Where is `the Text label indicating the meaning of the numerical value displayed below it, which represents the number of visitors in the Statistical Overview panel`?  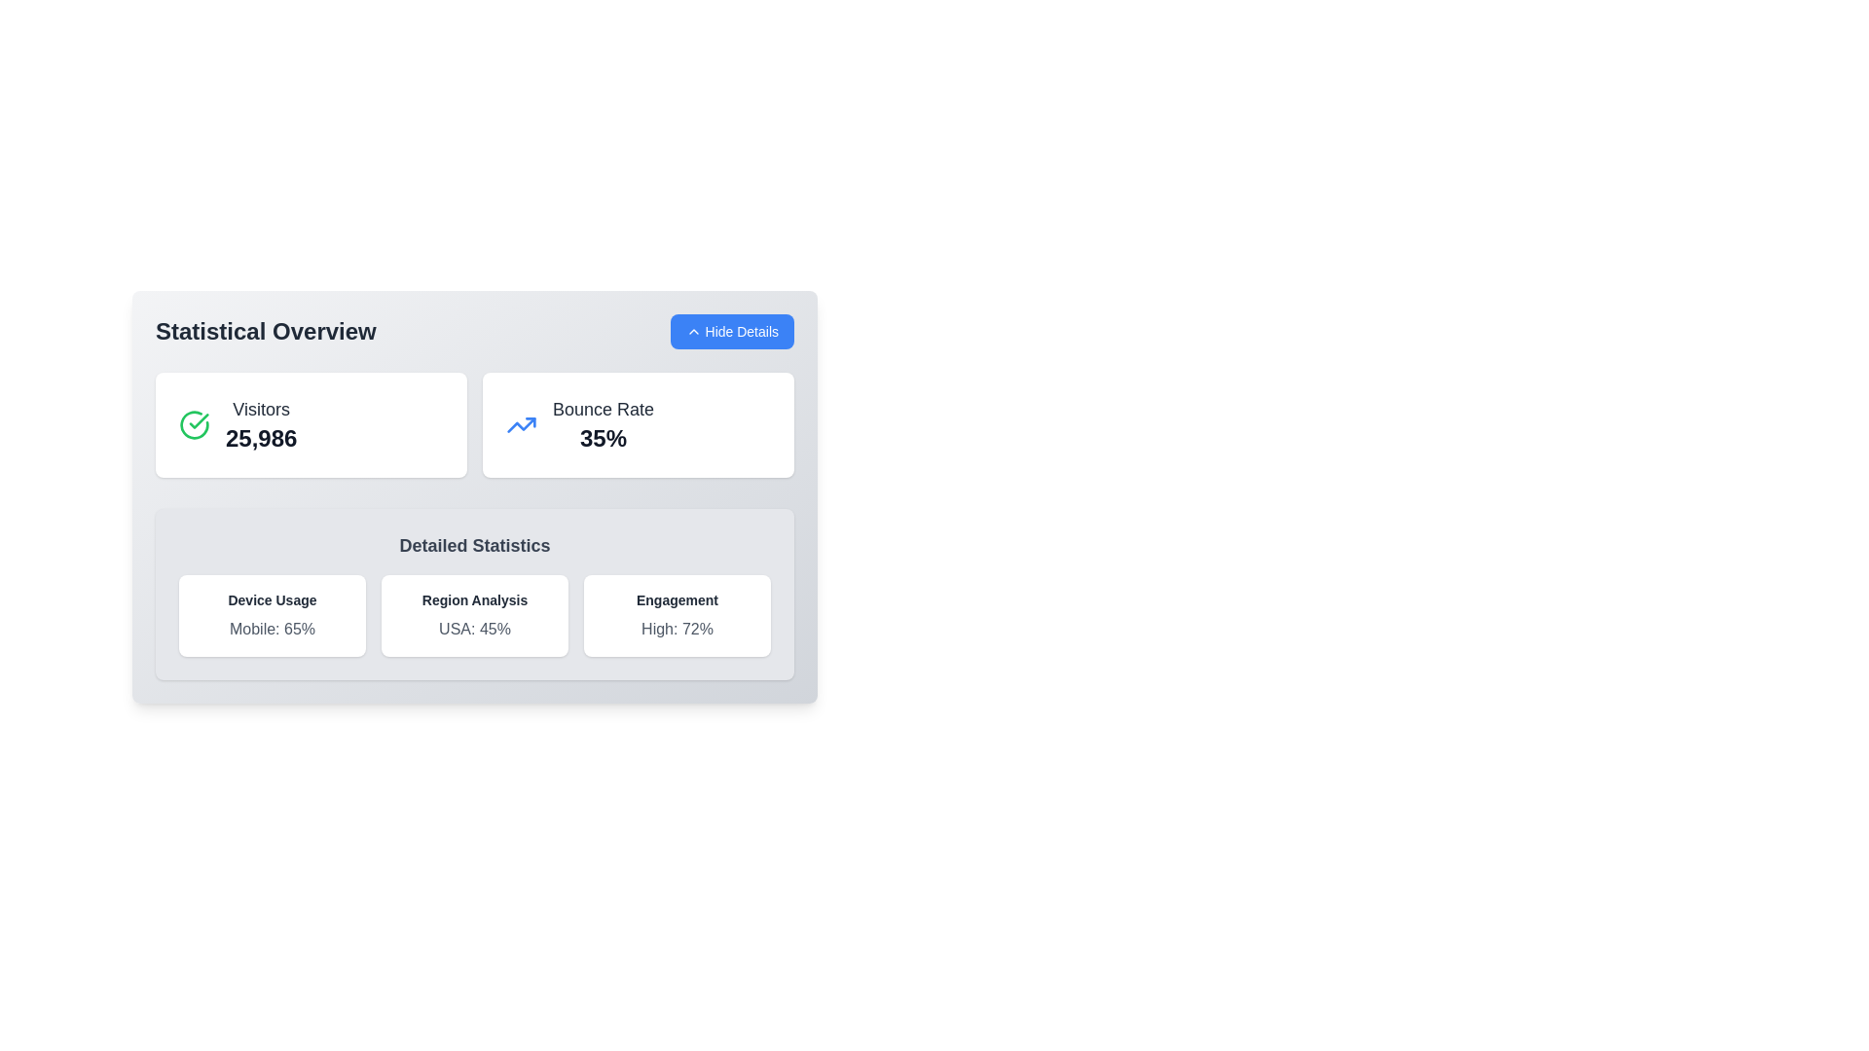
the Text label indicating the meaning of the numerical value displayed below it, which represents the number of visitors in the Statistical Overview panel is located at coordinates (260, 408).